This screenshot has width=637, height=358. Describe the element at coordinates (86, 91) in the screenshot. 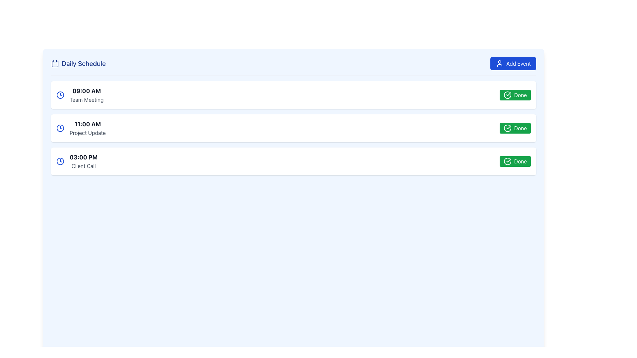

I see `the bold-styled time text '09:00 AM'` at that location.